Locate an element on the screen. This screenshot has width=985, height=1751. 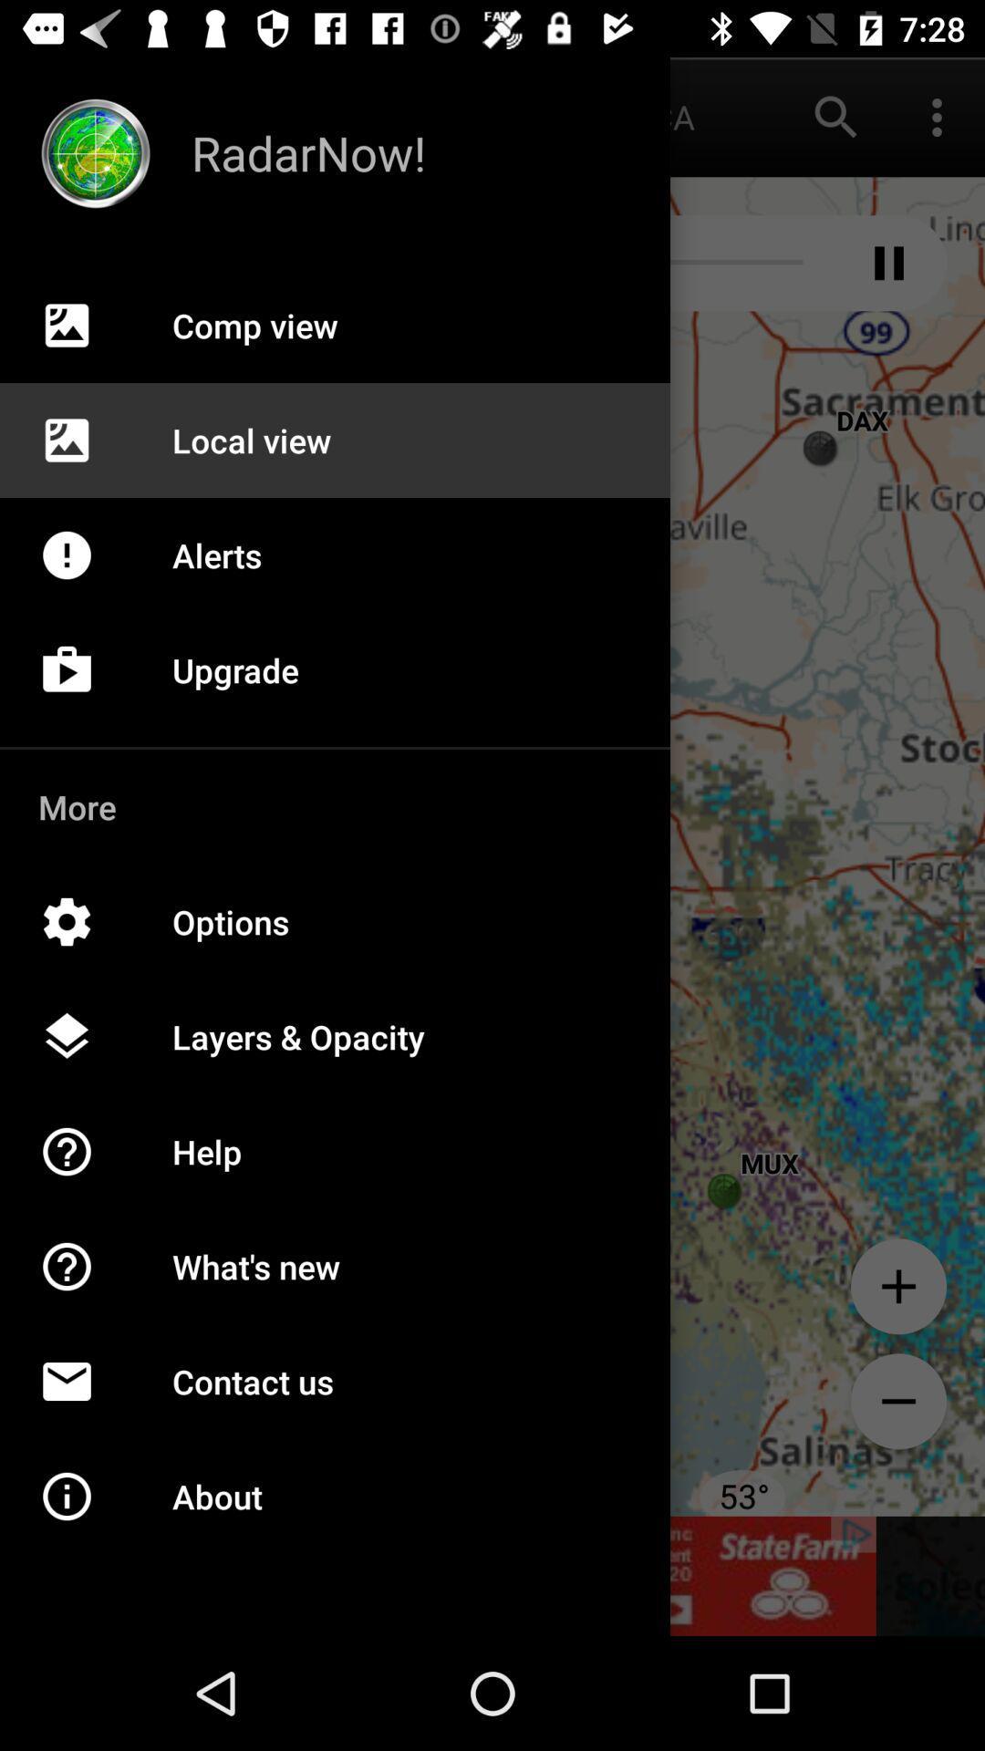
the add icon is located at coordinates (897, 1285).